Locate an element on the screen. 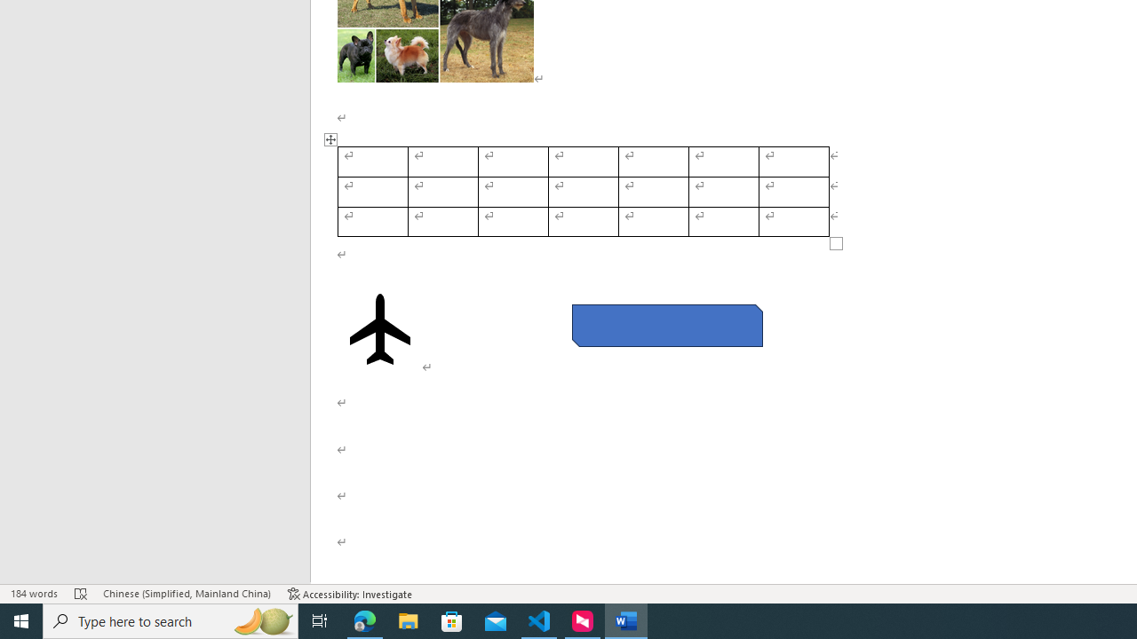  'File Explorer' is located at coordinates (408, 619).